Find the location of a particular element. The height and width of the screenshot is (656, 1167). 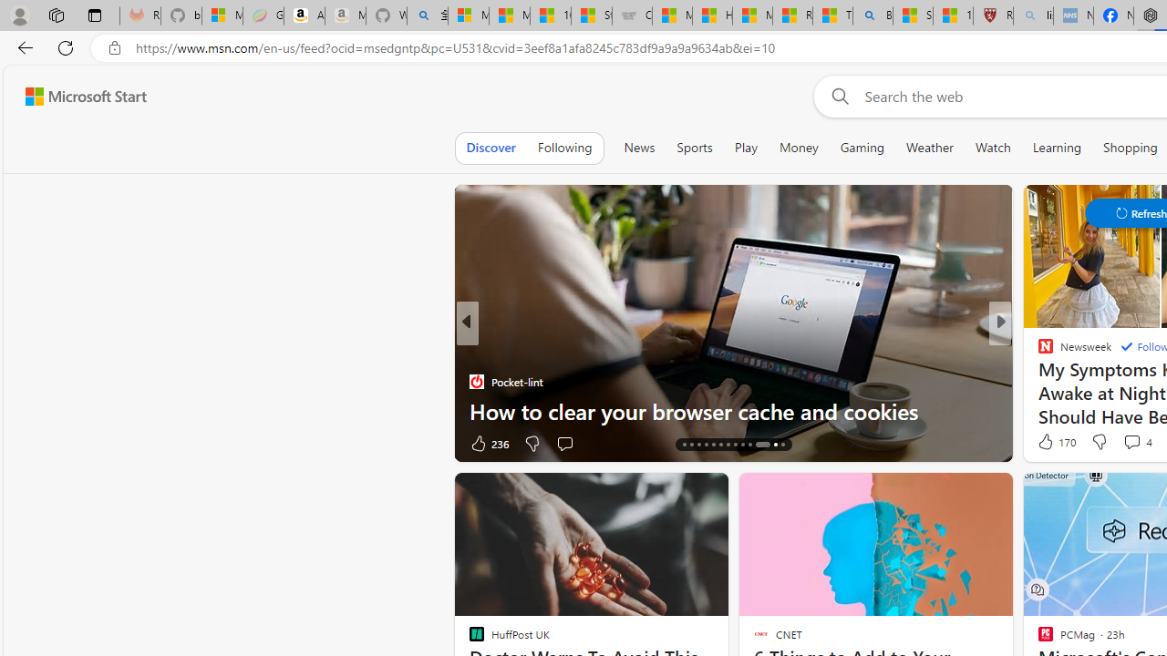

'View comments 4 Comment' is located at coordinates (1131, 442).